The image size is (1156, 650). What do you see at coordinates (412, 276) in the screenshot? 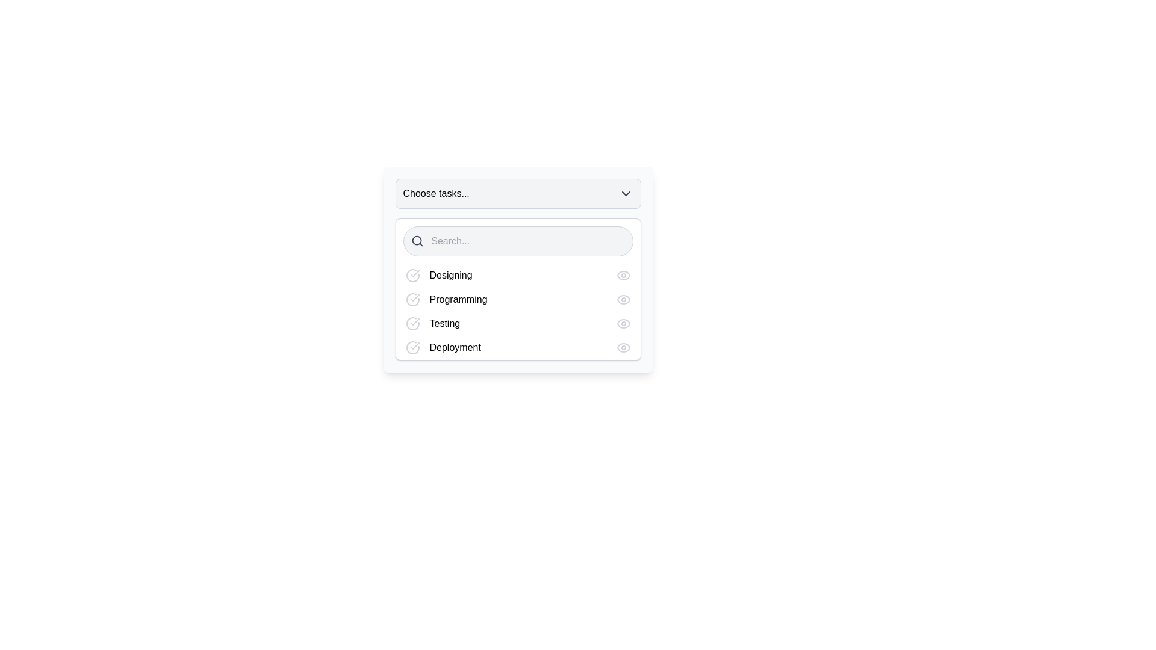
I see `the circular checkmark icon, which is light gray and located to the left of the text 'Designing' in the dropdown menu of tasks` at bounding box center [412, 276].